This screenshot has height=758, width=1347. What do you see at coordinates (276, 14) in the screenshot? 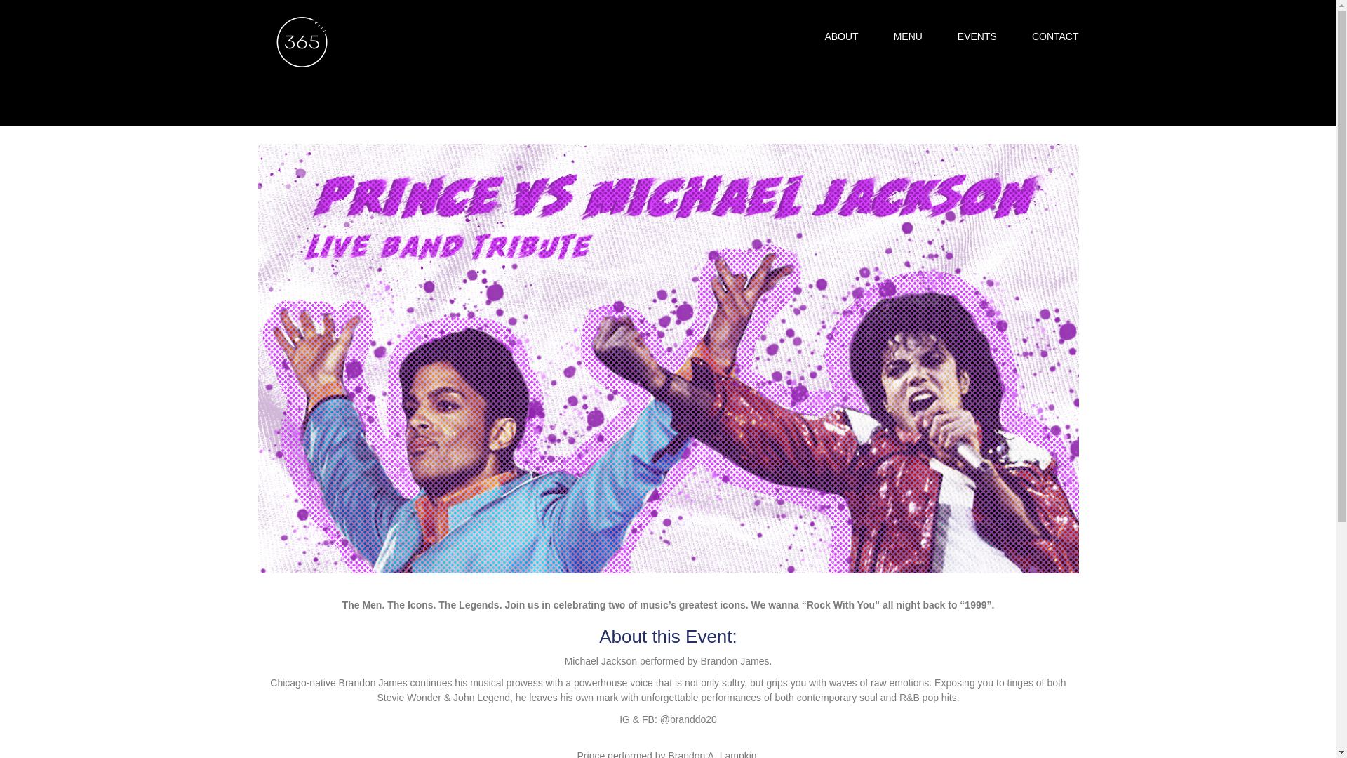
I see `'Home'` at bounding box center [276, 14].